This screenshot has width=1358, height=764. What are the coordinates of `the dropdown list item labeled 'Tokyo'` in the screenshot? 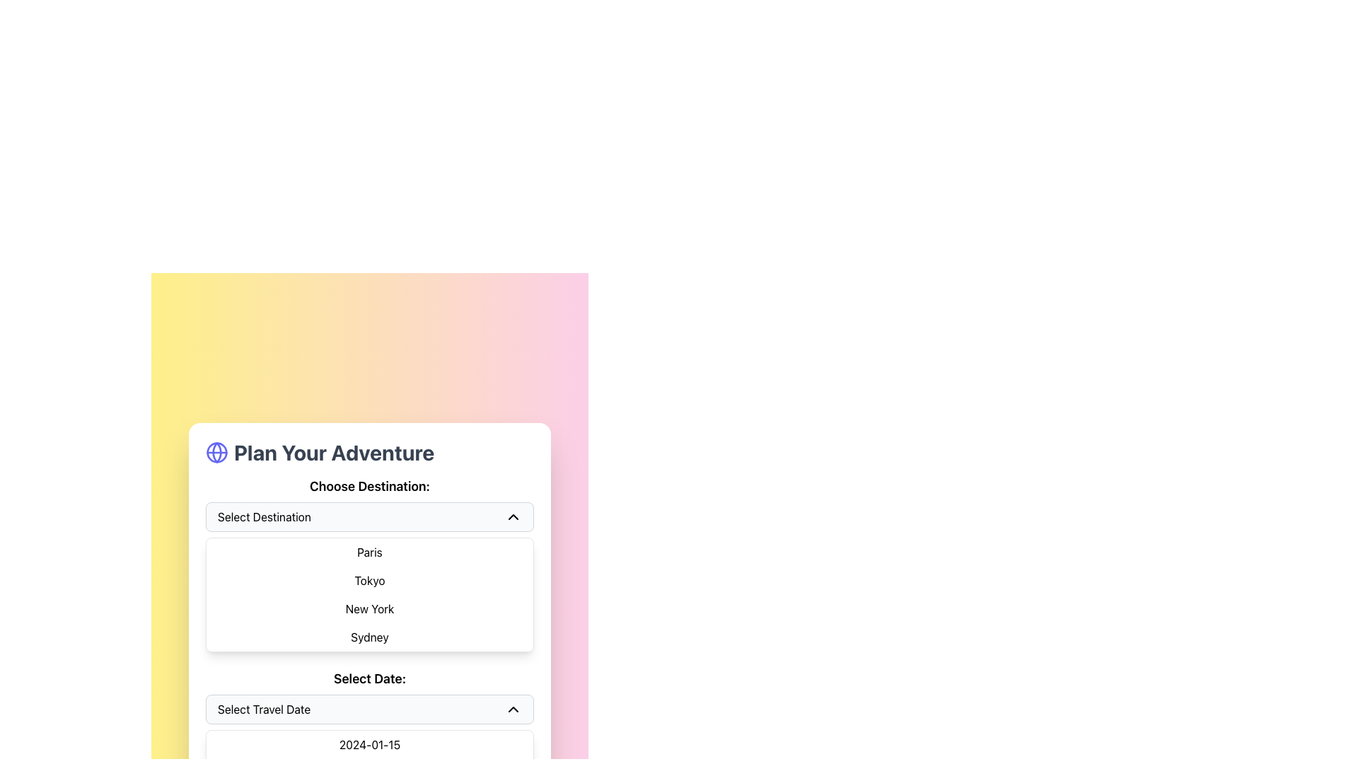 It's located at (370, 581).